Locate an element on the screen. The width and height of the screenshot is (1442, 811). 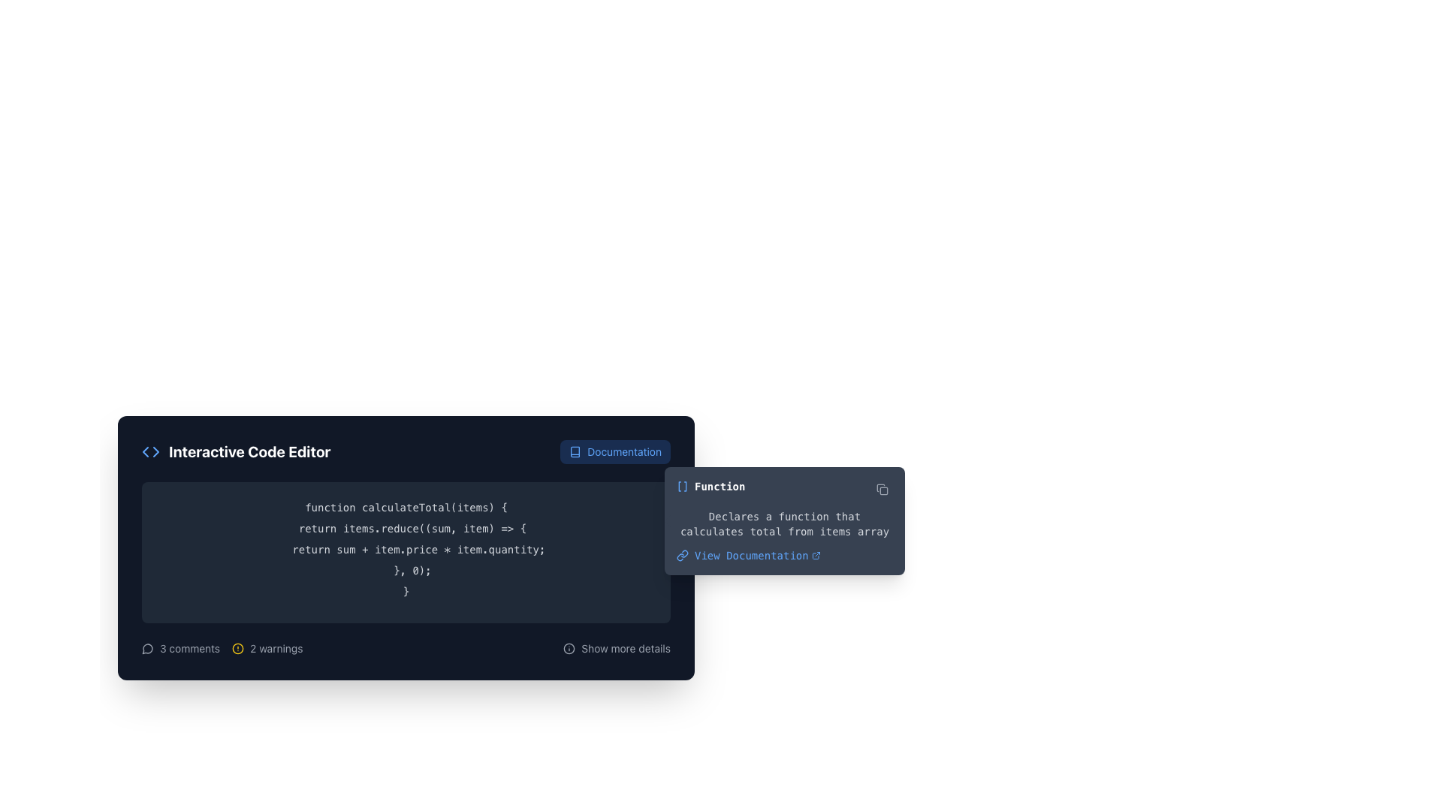
the copy action icon located within a small, interactive button near the bottom-right of the interface is located at coordinates (882, 489).